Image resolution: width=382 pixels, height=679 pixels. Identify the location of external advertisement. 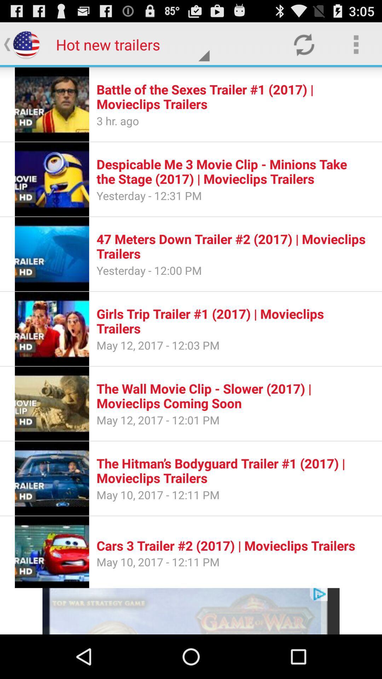
(191, 611).